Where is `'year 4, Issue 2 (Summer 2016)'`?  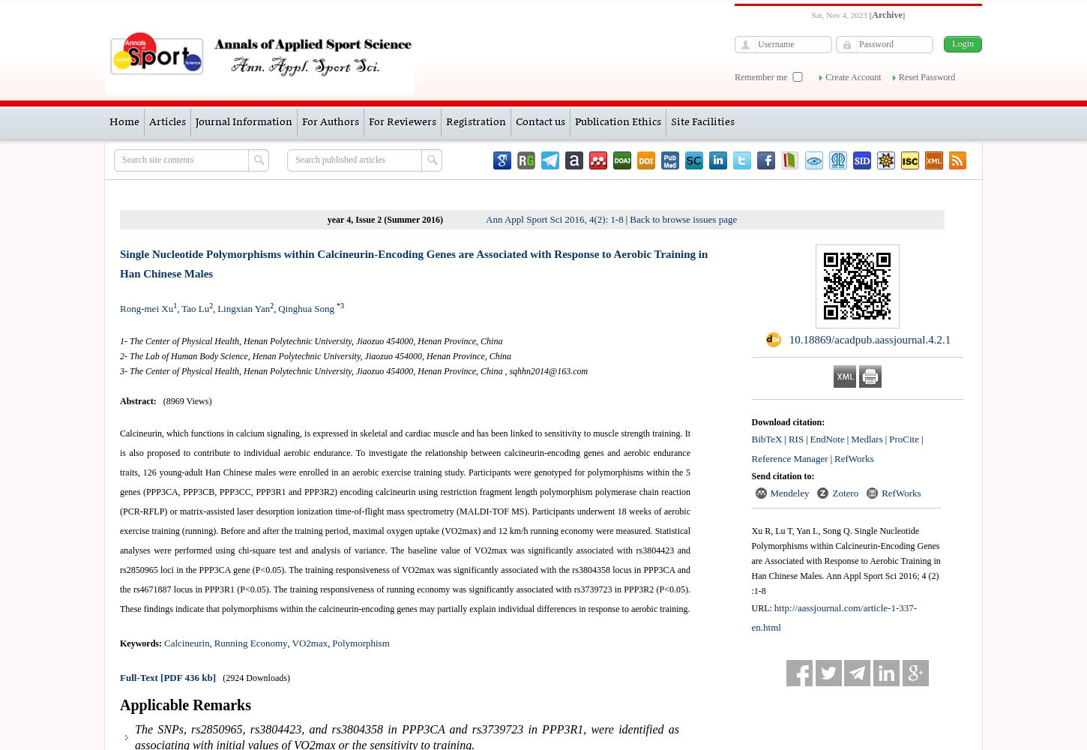 'year 4, Issue 2 (Summer 2016)' is located at coordinates (385, 220).